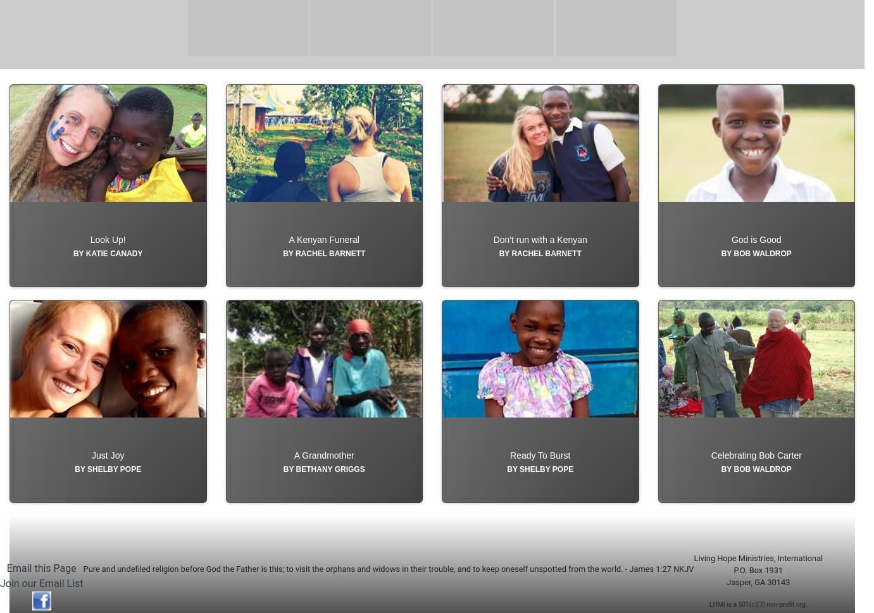 This screenshot has height=613, width=874. What do you see at coordinates (5, 597) in the screenshot?
I see `'Email this Page'` at bounding box center [5, 597].